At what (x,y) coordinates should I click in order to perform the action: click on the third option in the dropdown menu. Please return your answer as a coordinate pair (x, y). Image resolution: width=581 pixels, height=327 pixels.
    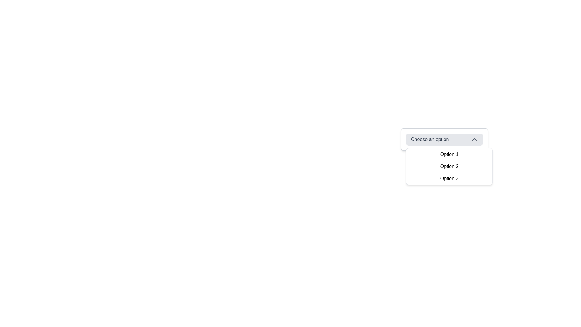
    Looking at the image, I should click on (449, 178).